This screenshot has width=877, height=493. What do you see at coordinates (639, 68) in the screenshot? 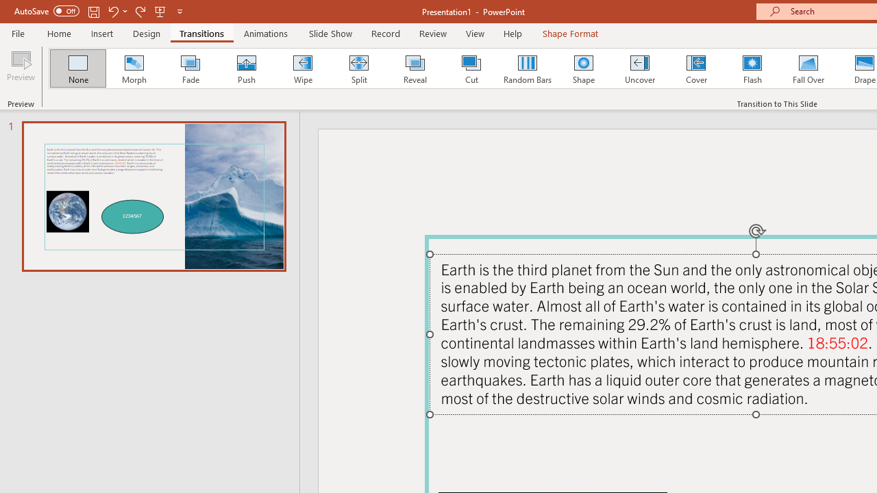
I see `'Uncover'` at bounding box center [639, 68].